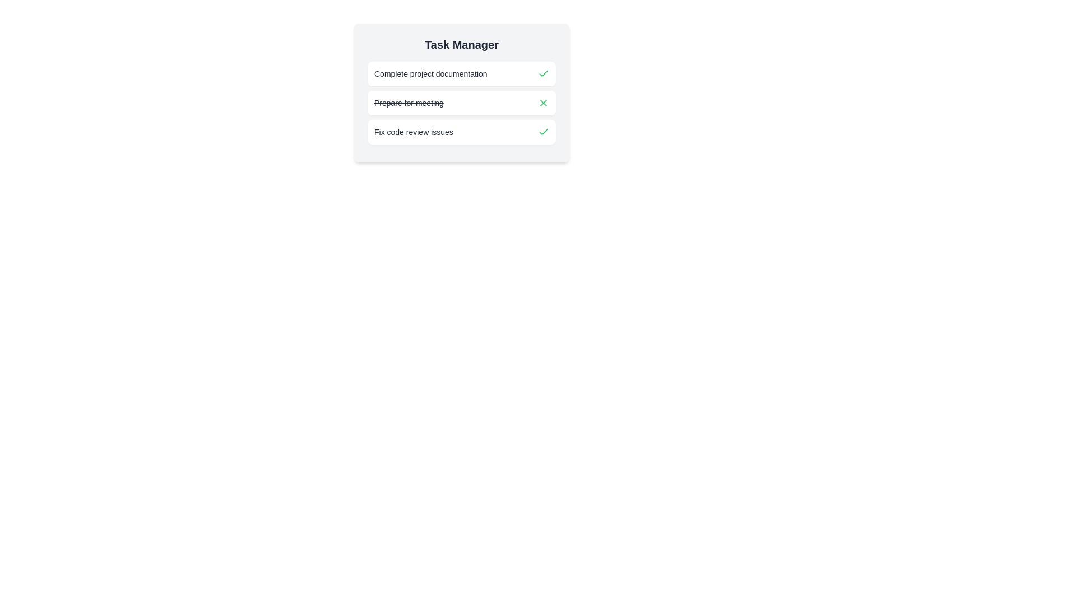 This screenshot has height=605, width=1076. I want to click on the Task item labeled 'Prepare for meeting' in the task manager list, so click(462, 103).